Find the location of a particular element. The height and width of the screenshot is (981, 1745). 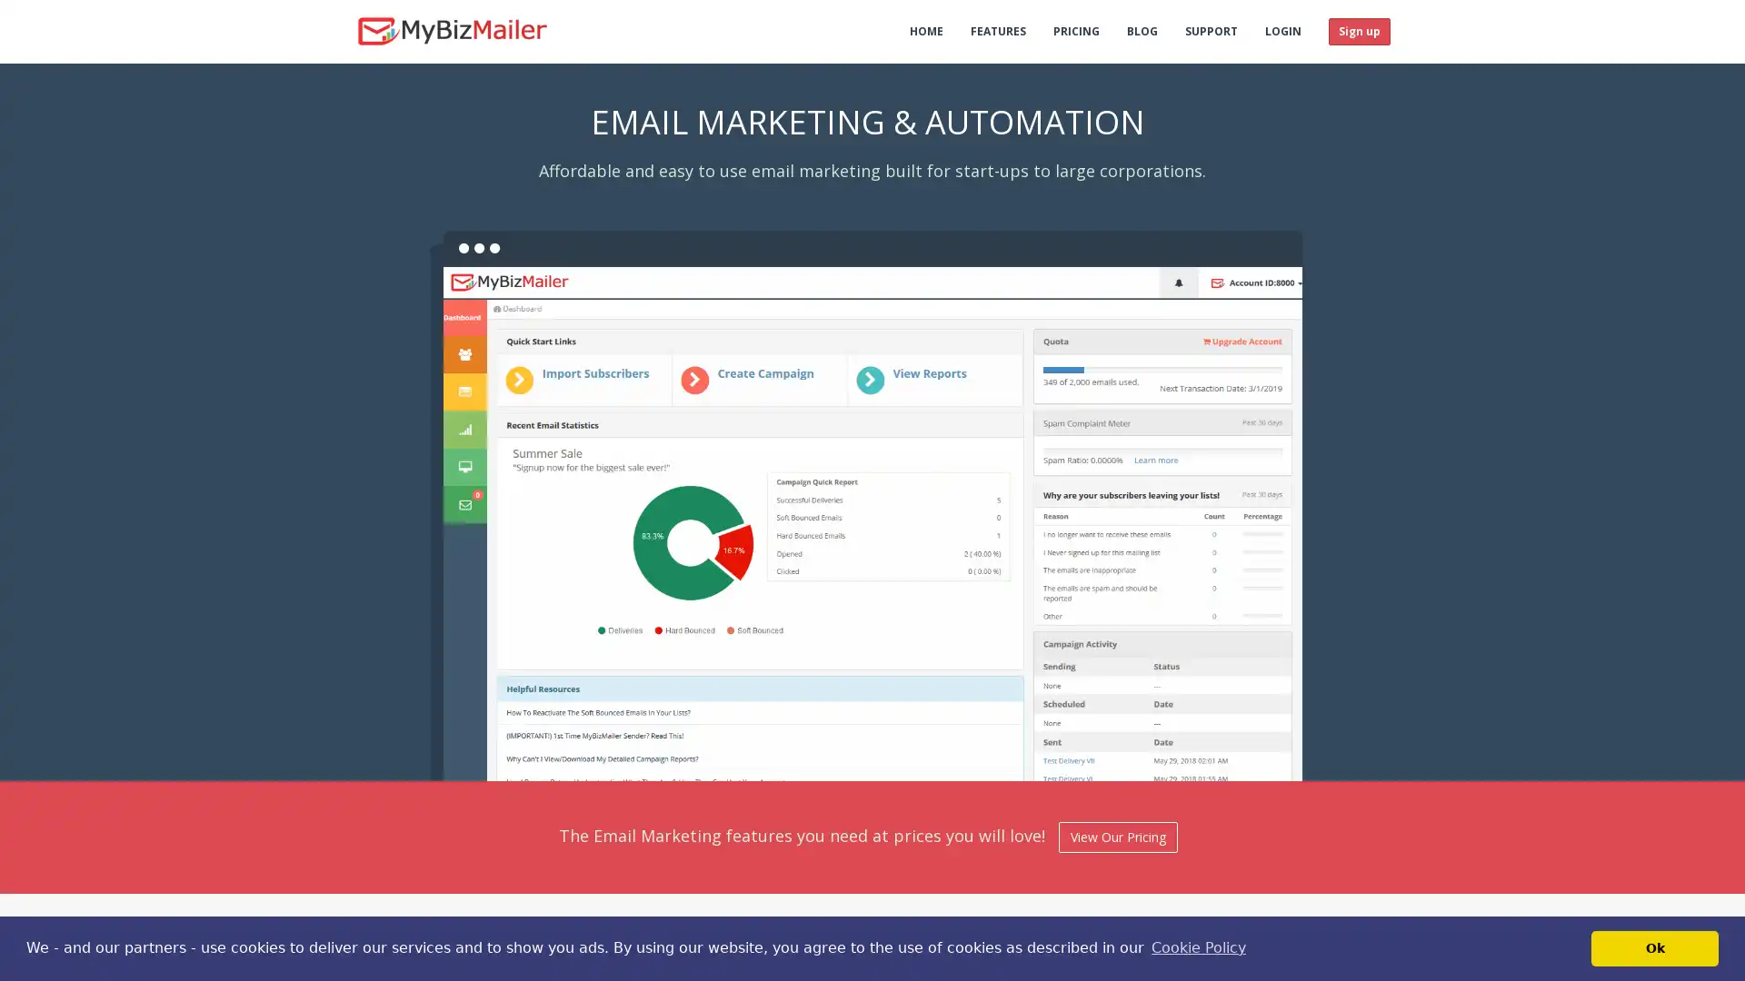

dismiss cookie message is located at coordinates (1654, 947).